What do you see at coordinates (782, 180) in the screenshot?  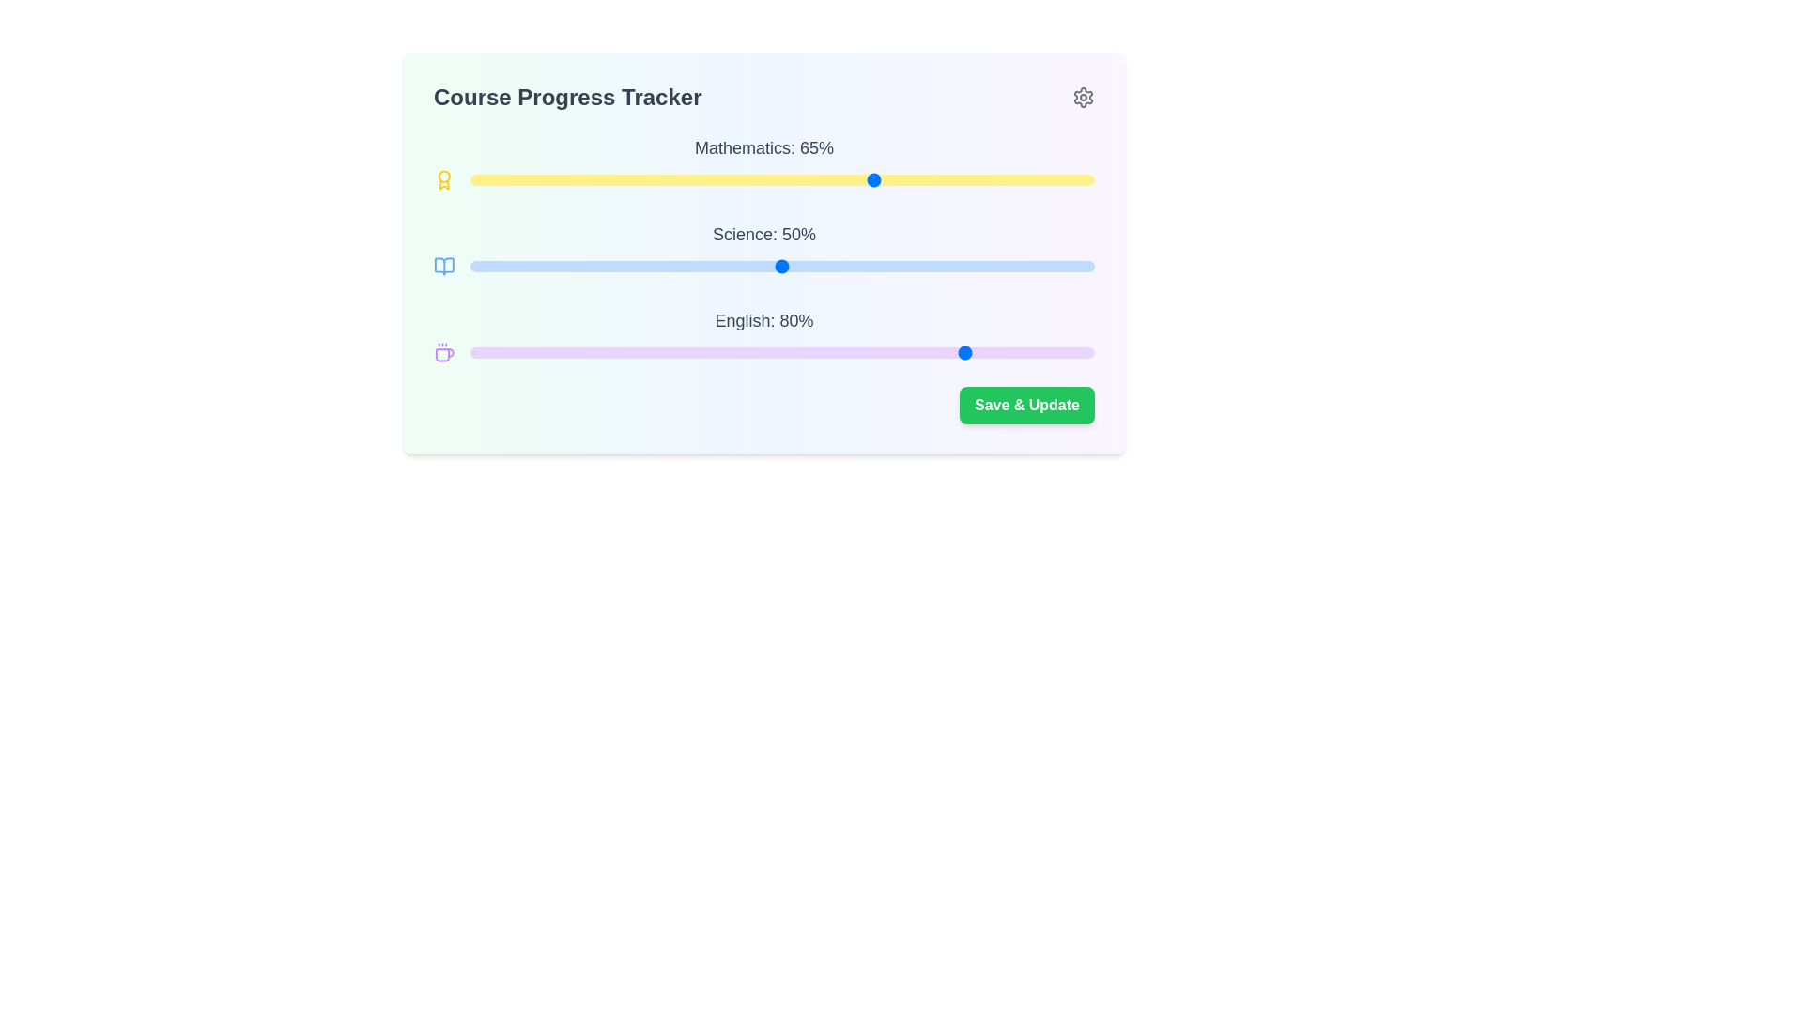 I see `the yellow horizontal range input slider labeled 'Mathematics: 65%'` at bounding box center [782, 180].